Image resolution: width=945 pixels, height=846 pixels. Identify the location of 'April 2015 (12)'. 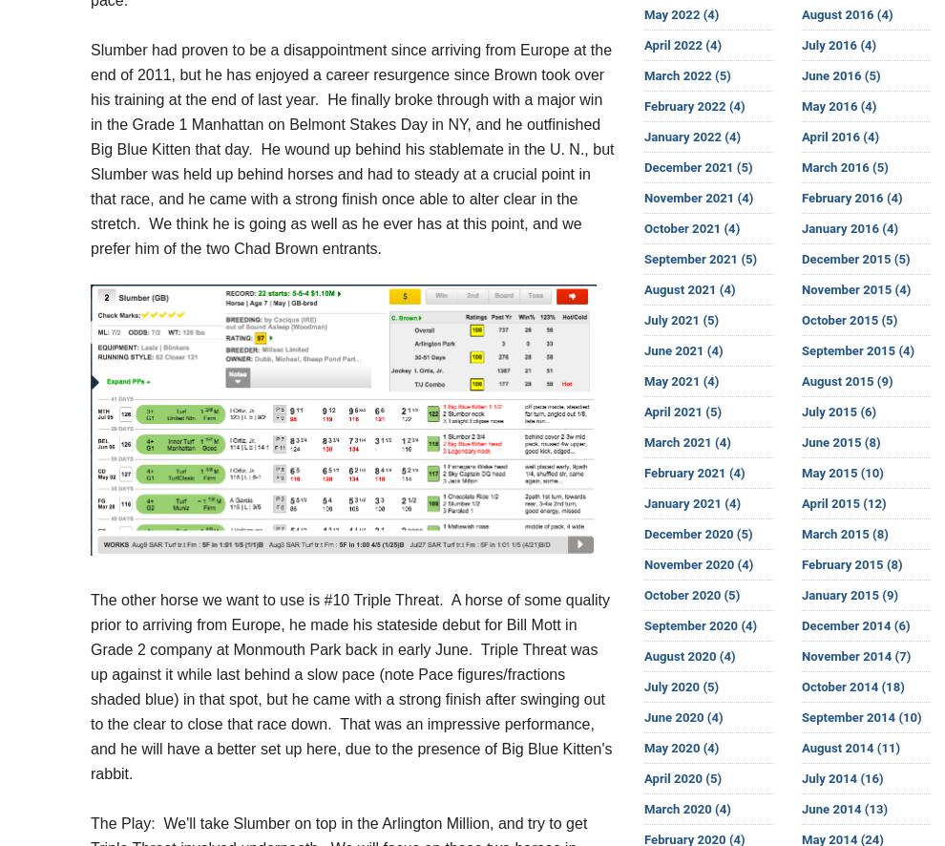
(843, 502).